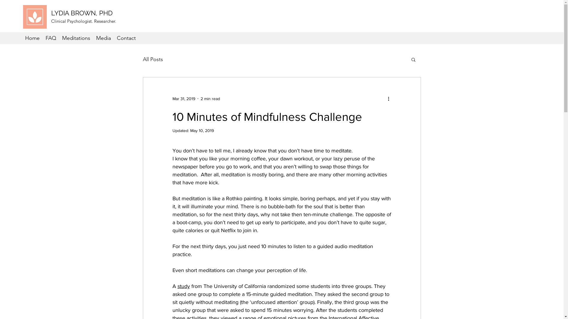 The width and height of the screenshot is (568, 319). Describe the element at coordinates (82, 13) in the screenshot. I see `'LYDIA BROWN, PHD'` at that location.